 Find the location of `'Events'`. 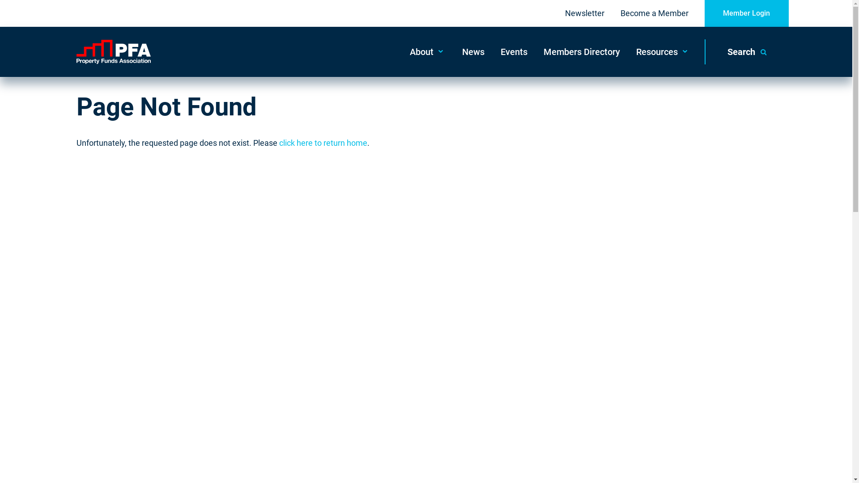

'Events' is located at coordinates (491, 51).